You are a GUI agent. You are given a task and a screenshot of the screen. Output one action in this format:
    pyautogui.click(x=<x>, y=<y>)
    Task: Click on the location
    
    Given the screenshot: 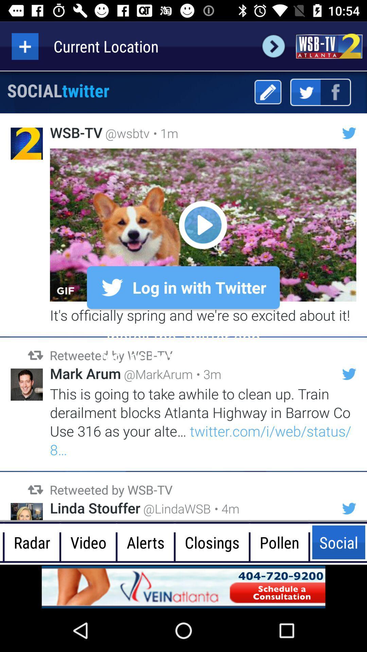 What is the action you would take?
    pyautogui.click(x=24, y=46)
    